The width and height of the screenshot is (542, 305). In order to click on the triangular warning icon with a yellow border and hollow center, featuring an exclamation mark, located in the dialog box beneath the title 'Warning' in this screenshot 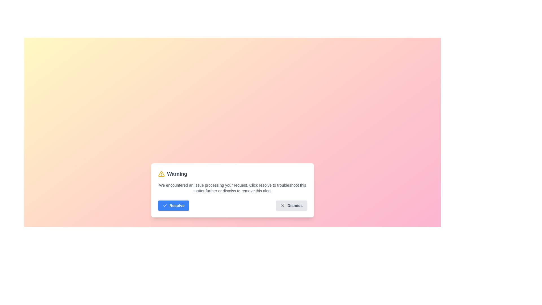, I will do `click(161, 174)`.